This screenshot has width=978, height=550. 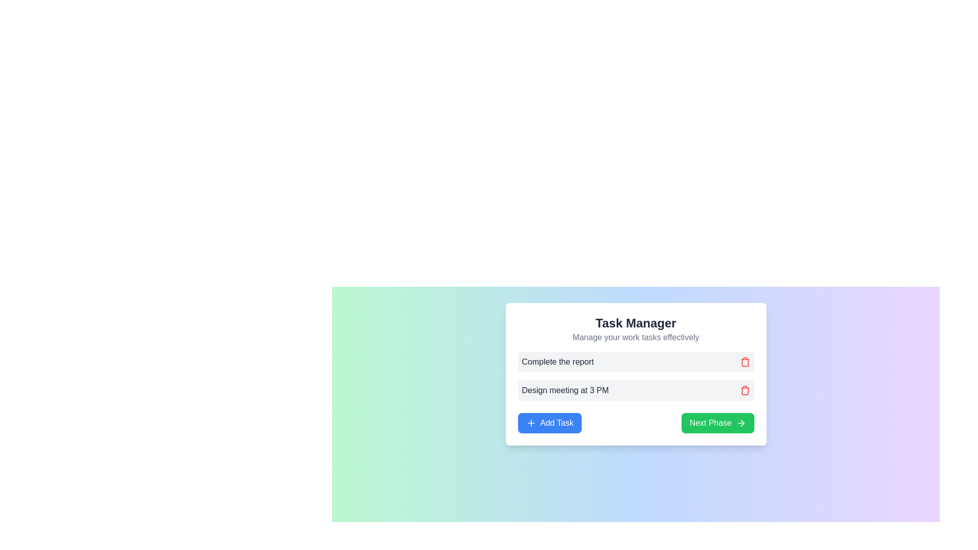 I want to click on the task item labeled 'Design meeting at 3 PM' for editing by clicking on it, so click(x=635, y=390).